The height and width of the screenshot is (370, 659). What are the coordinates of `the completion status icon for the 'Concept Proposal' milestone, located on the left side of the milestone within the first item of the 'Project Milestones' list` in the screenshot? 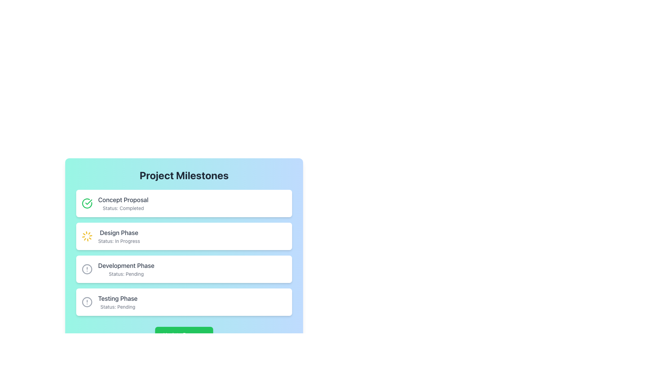 It's located at (87, 203).